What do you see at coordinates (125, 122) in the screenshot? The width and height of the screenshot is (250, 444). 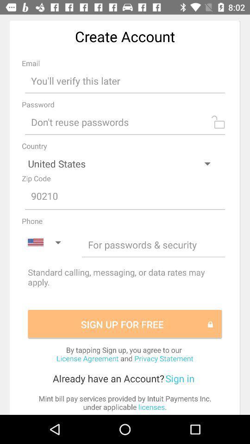 I see `input password` at bounding box center [125, 122].